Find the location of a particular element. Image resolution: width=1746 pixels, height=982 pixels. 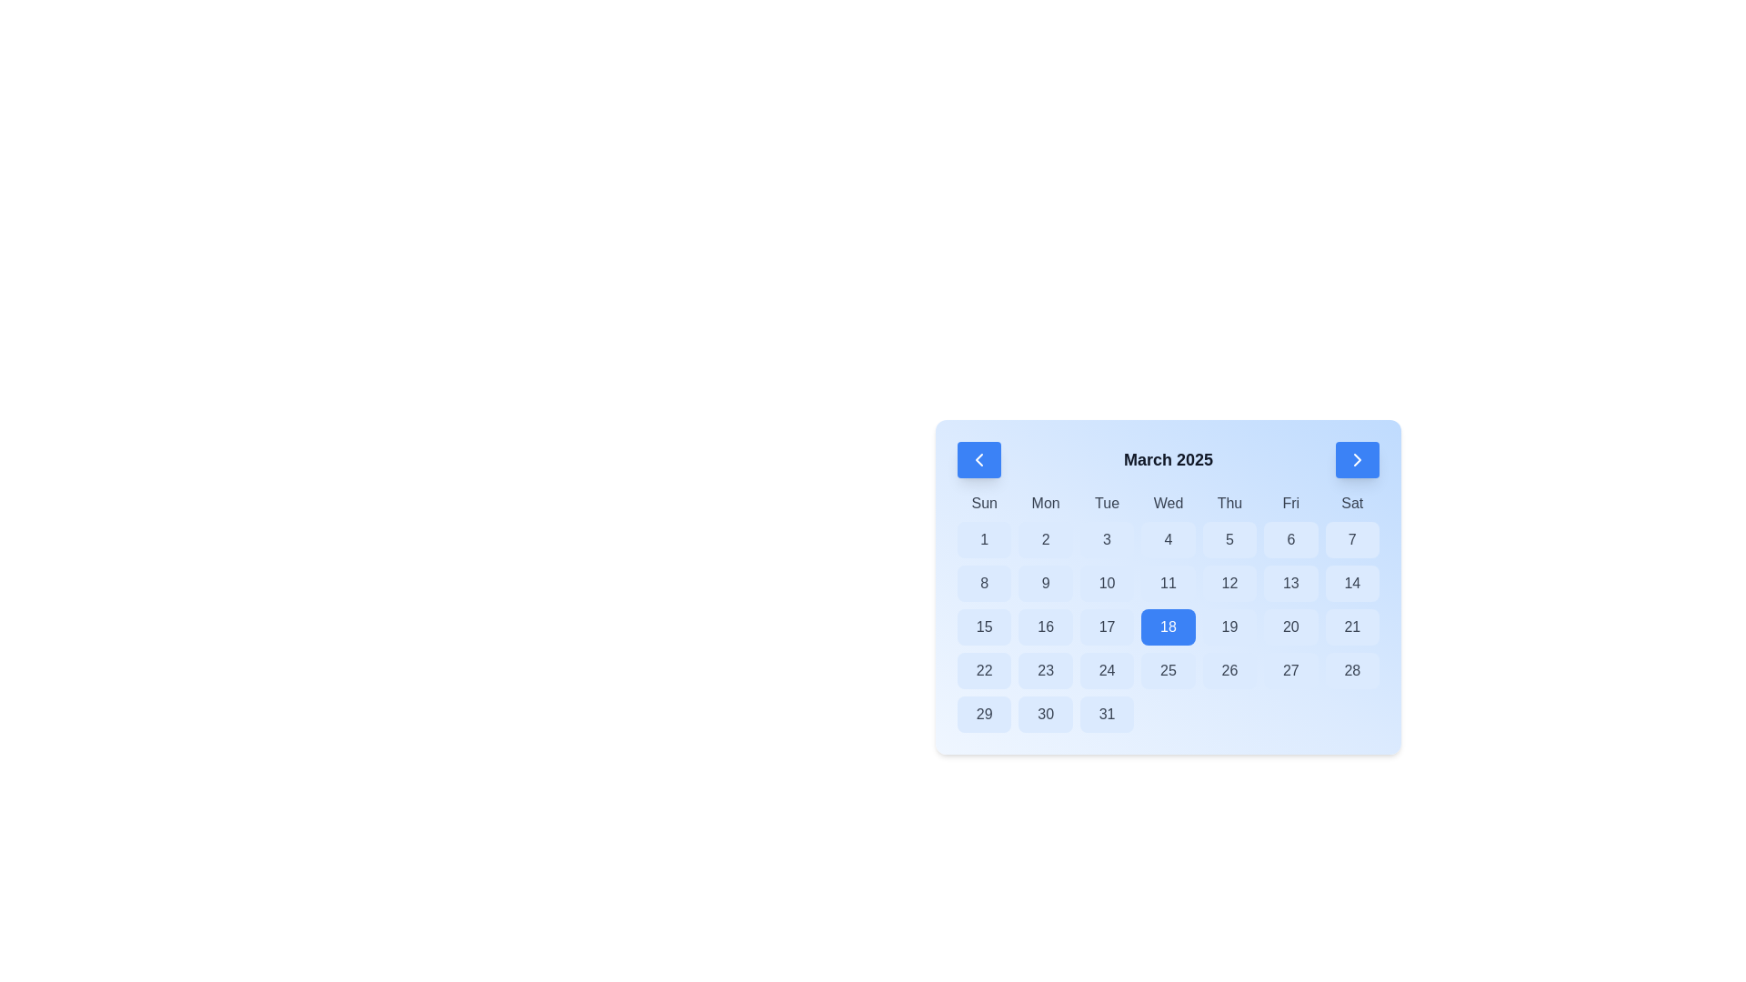

the calendar day button for the 7th, located under the 'Sat' column is located at coordinates (1352, 539).